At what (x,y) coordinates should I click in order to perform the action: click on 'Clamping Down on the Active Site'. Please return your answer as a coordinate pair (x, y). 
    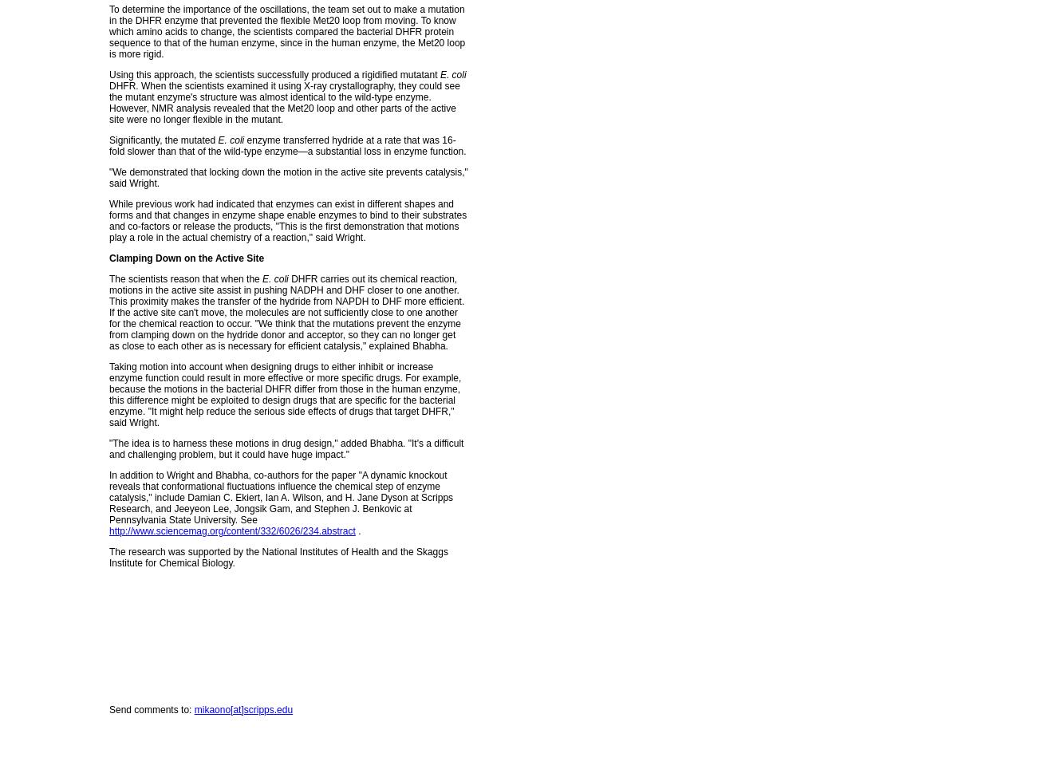
    Looking at the image, I should click on (186, 257).